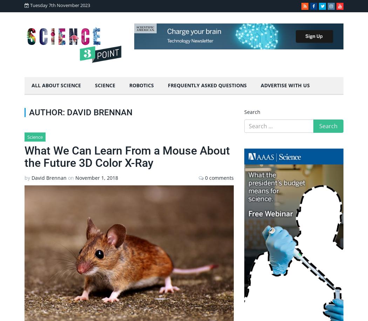 The height and width of the screenshot is (321, 368). What do you see at coordinates (96, 177) in the screenshot?
I see `'November 1, 2018'` at bounding box center [96, 177].